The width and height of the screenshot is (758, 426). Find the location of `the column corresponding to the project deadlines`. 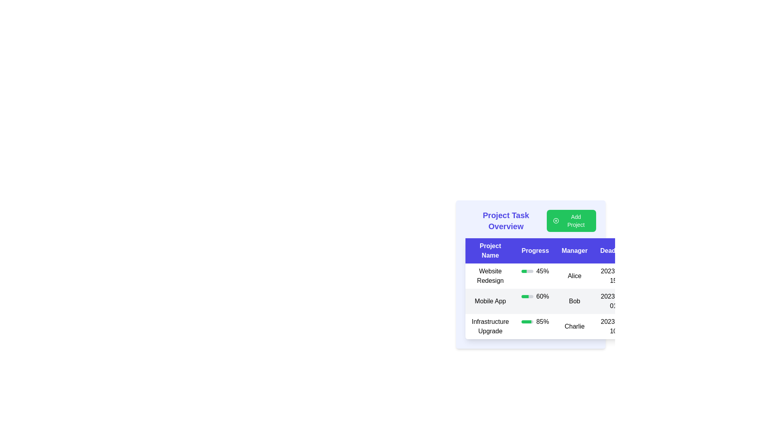

the column corresponding to the project deadlines is located at coordinates (613, 251).